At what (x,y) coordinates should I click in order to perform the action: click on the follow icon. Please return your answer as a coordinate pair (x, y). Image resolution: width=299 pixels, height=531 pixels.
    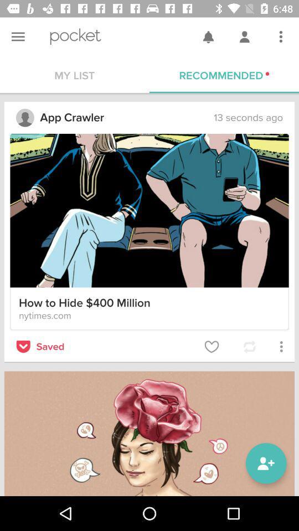
    Looking at the image, I should click on (265, 463).